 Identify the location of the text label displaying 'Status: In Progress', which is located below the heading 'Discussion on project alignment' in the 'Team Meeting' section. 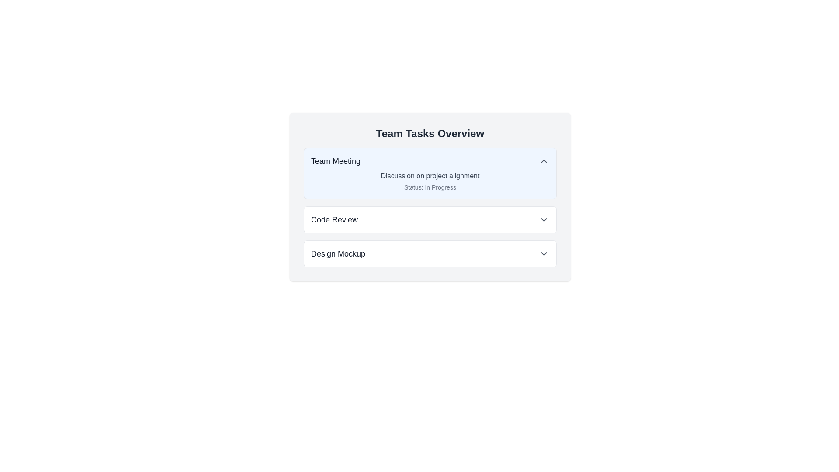
(430, 187).